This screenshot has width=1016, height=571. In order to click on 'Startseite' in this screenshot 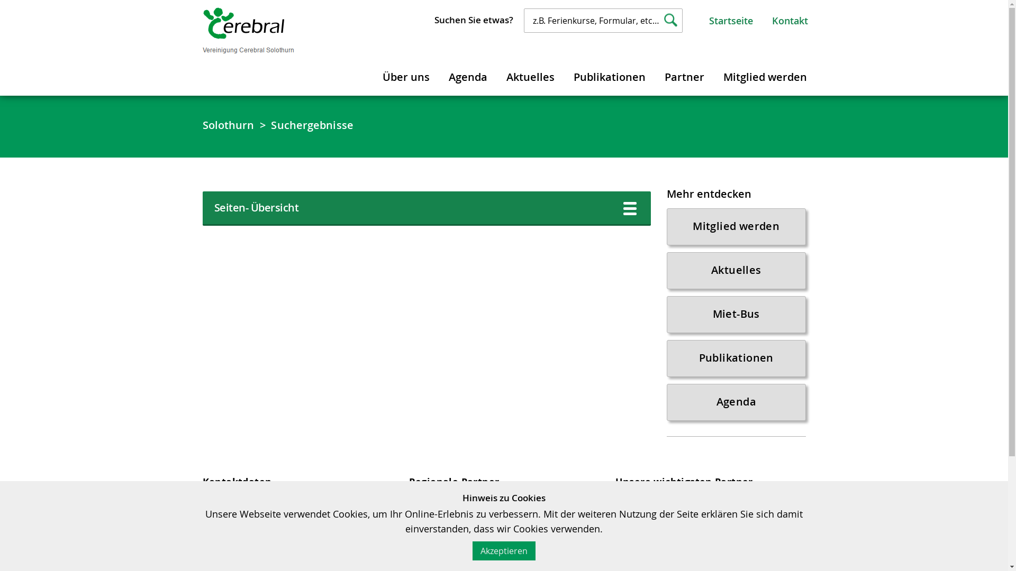, I will do `click(709, 20)`.